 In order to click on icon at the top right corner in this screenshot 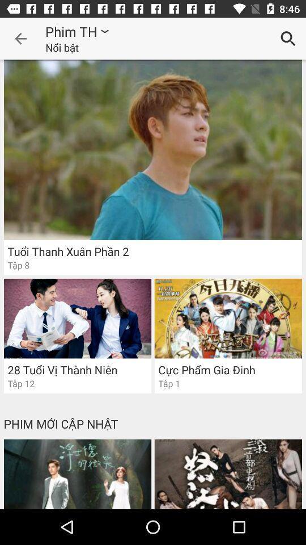, I will do `click(288, 39)`.